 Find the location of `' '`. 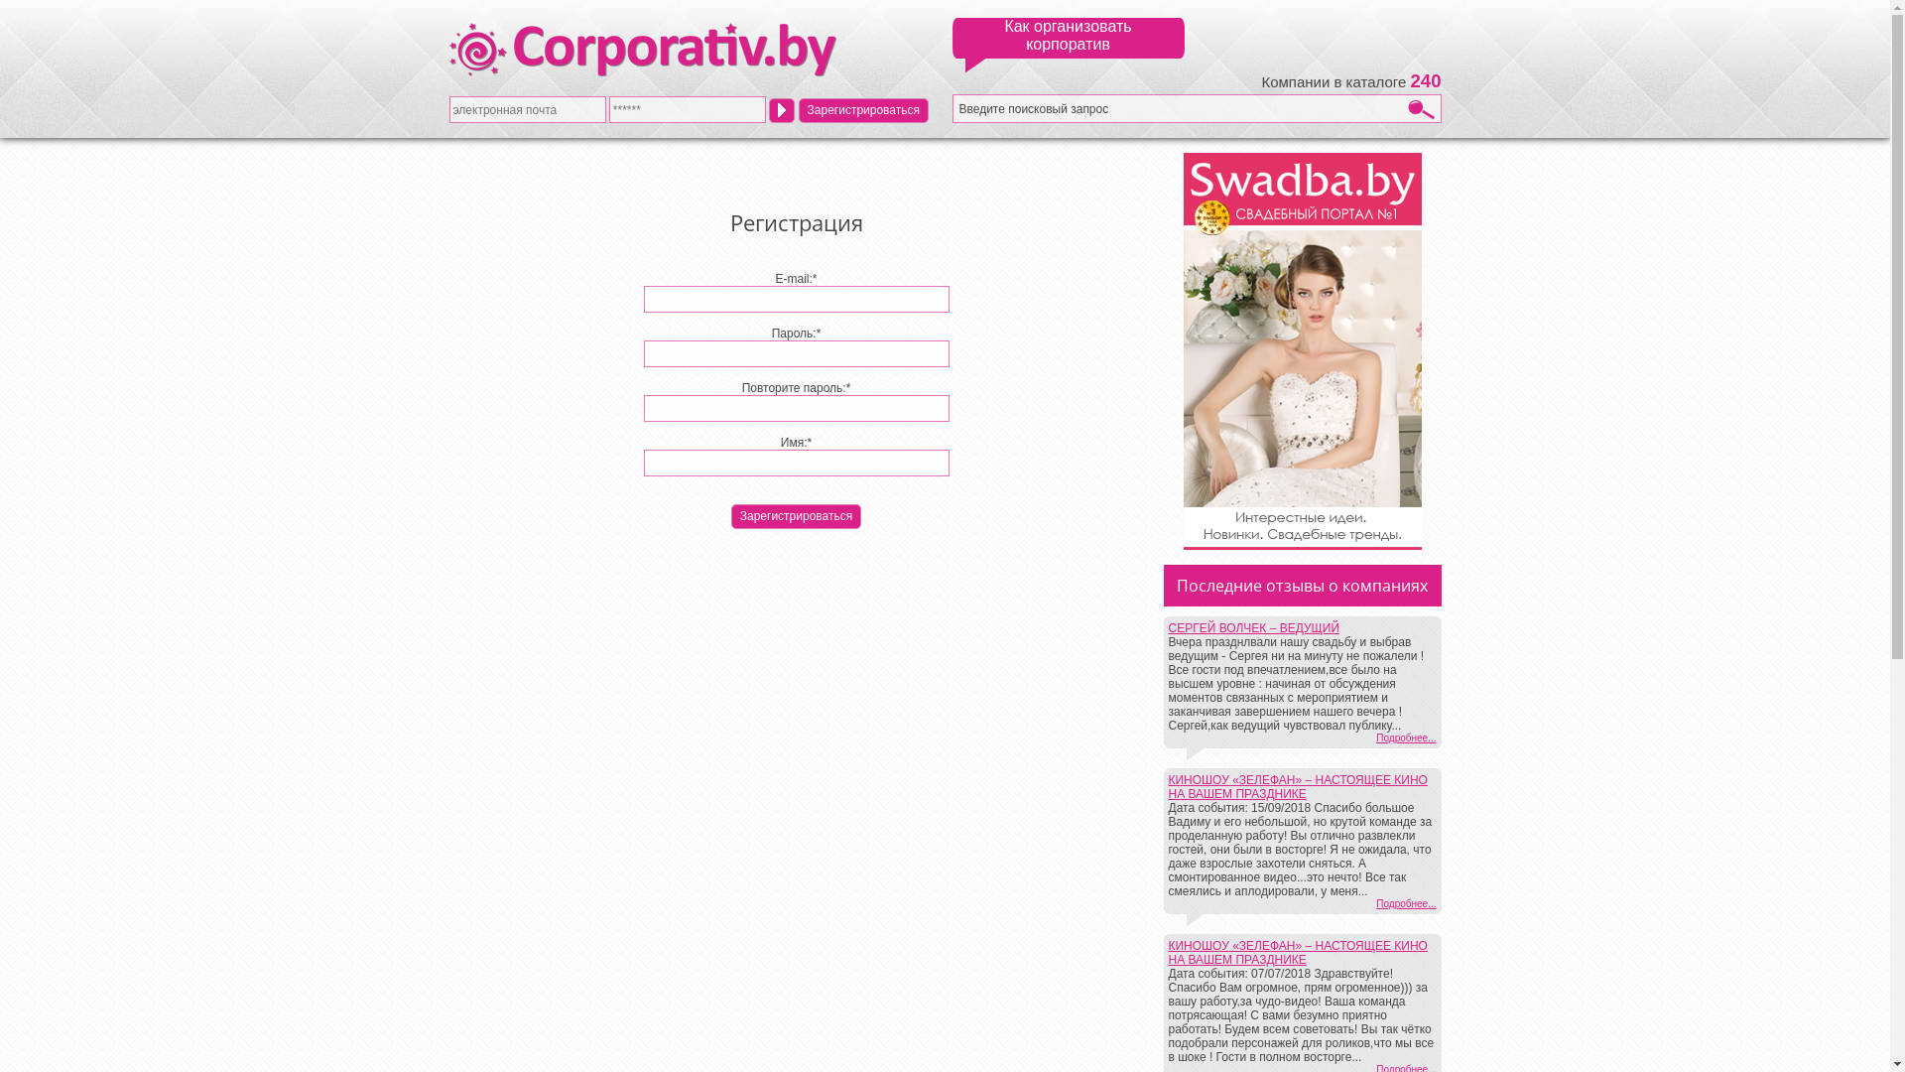

' ' is located at coordinates (780, 109).